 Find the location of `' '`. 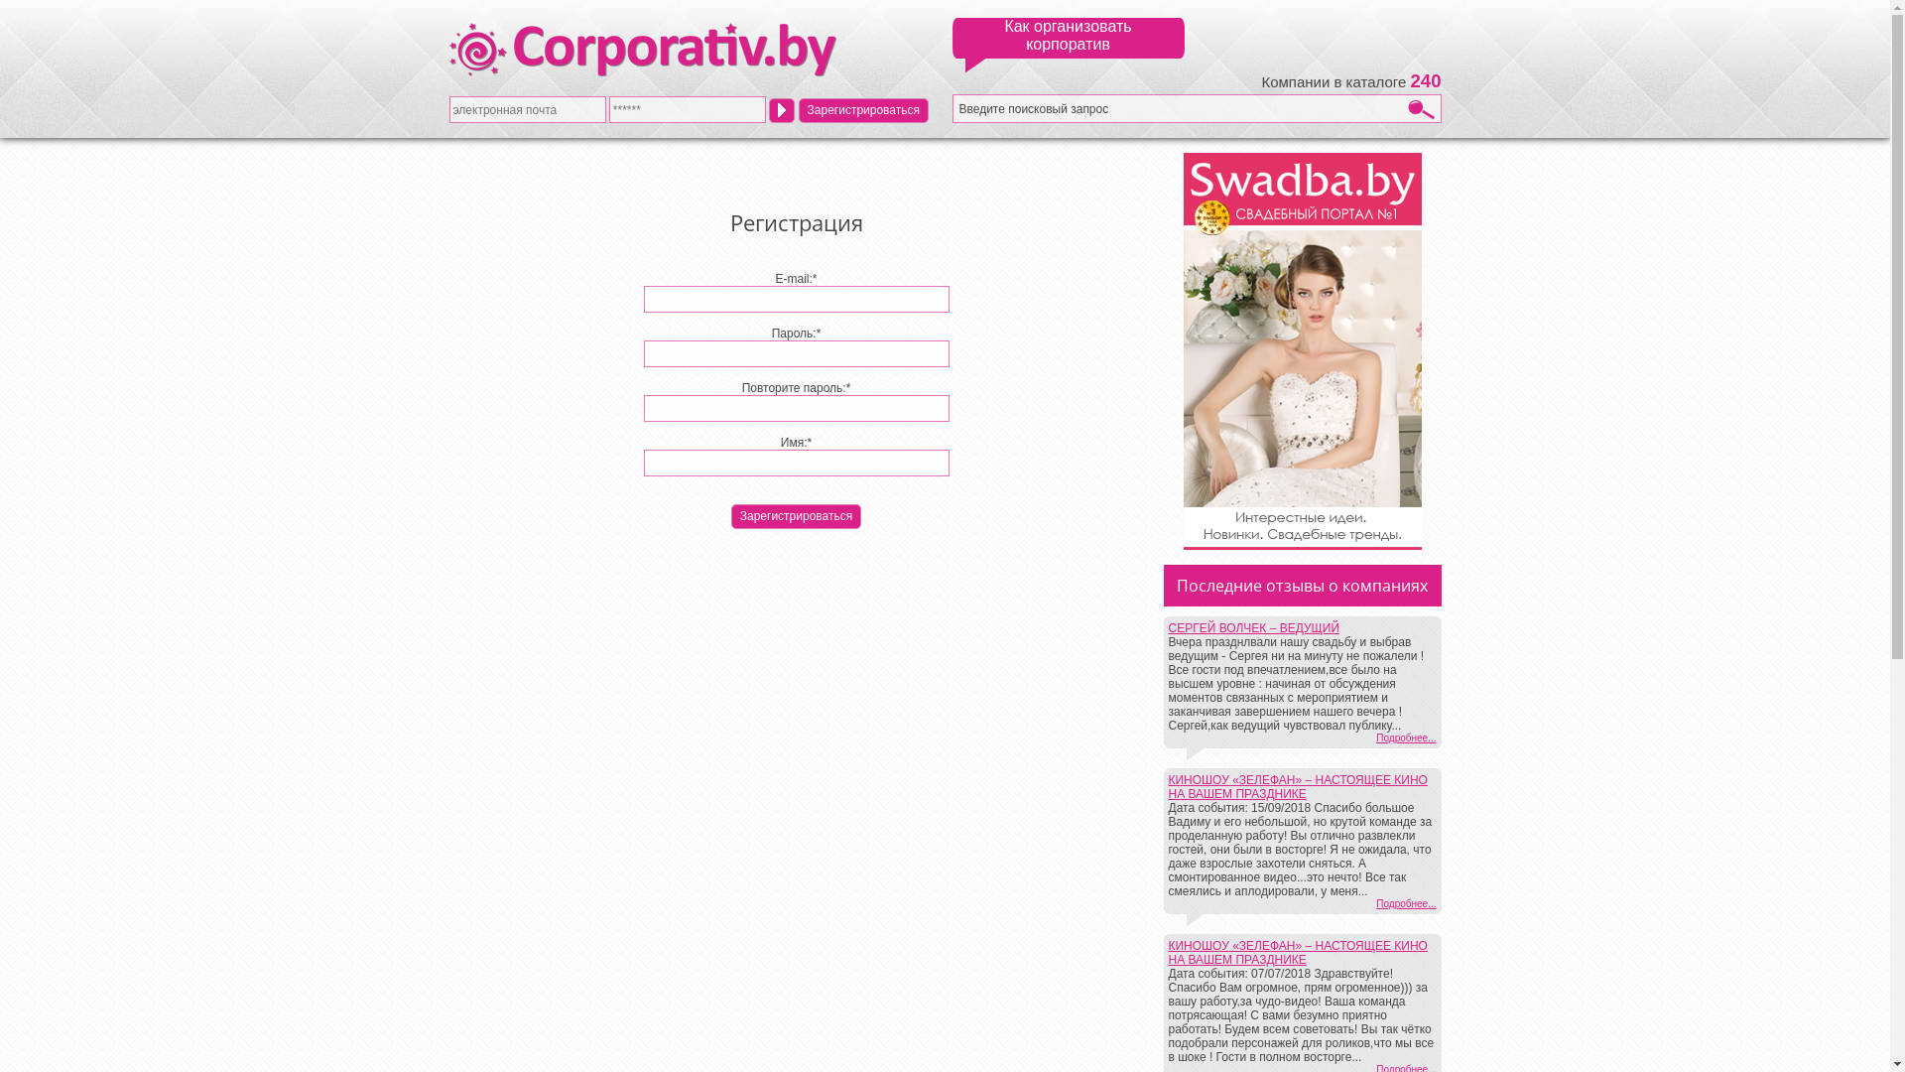

' ' is located at coordinates (780, 109).